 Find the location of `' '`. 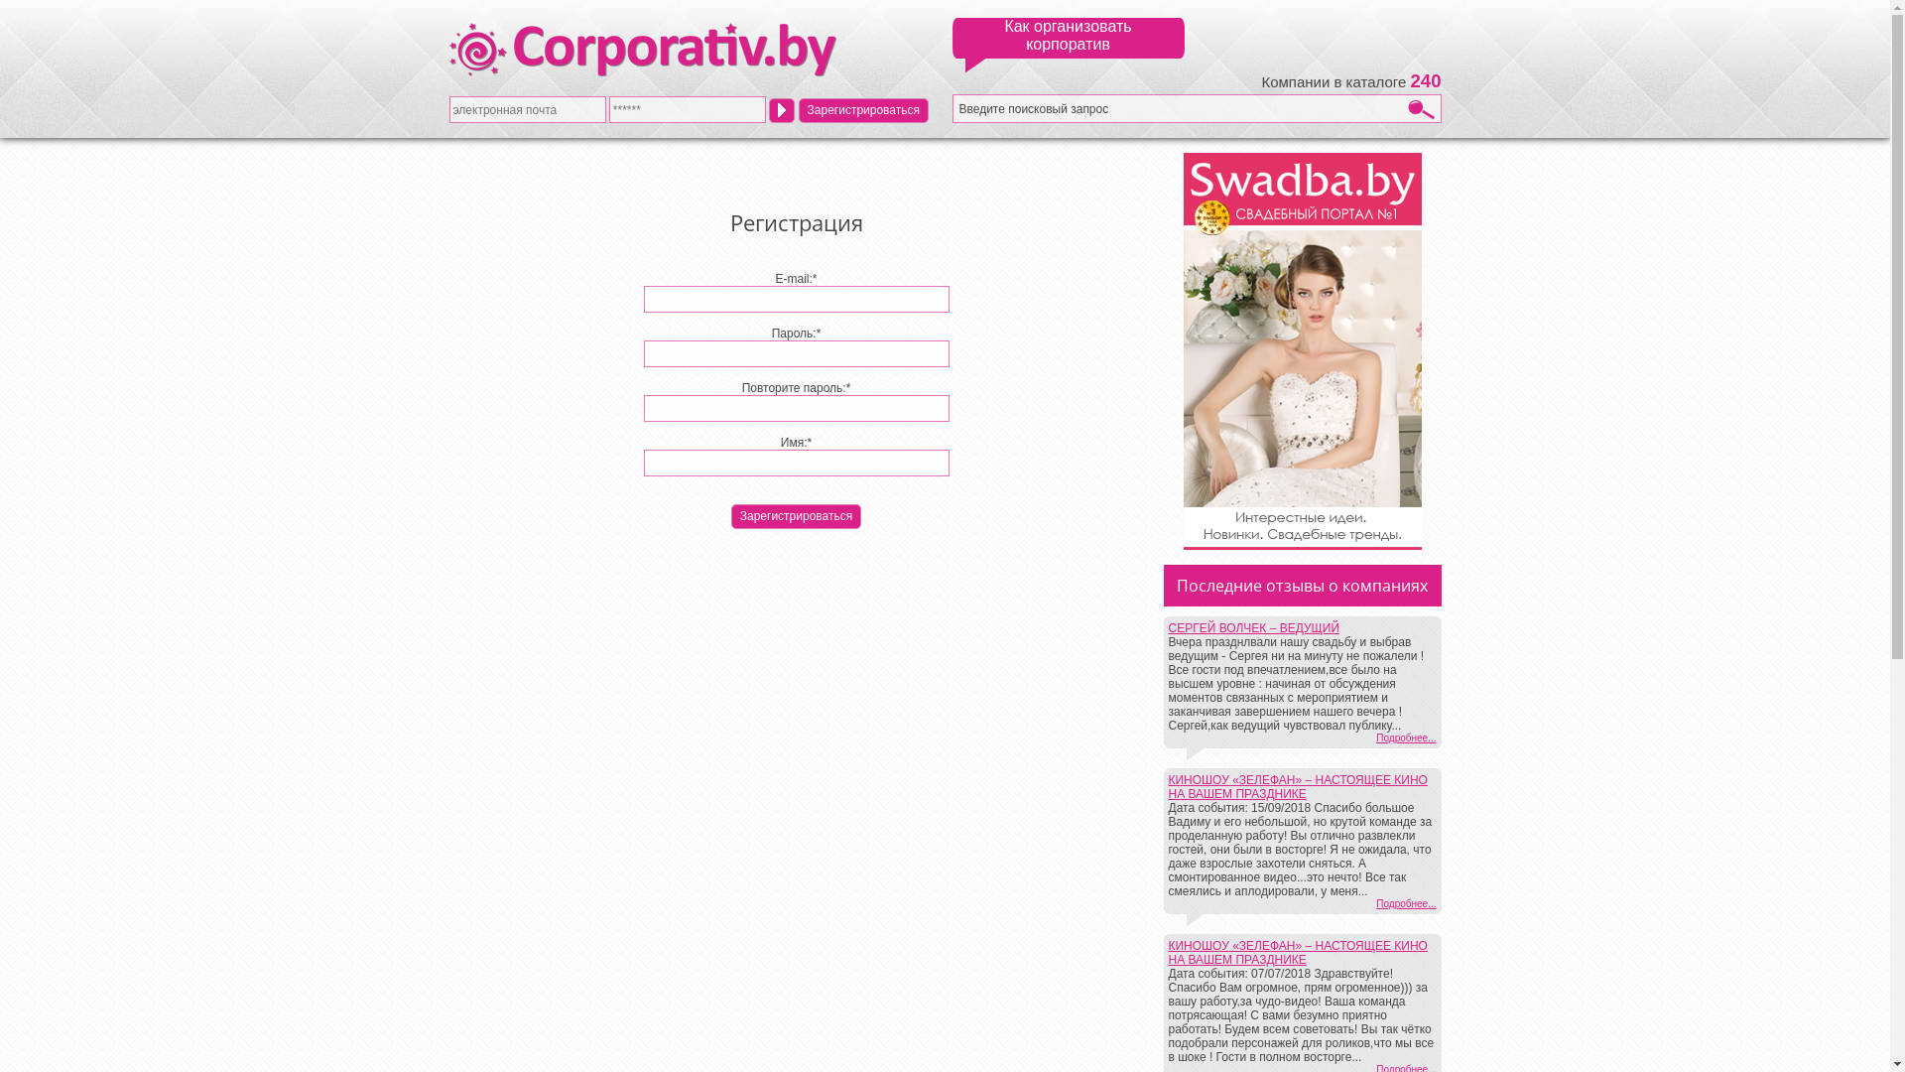

' ' is located at coordinates (780, 109).